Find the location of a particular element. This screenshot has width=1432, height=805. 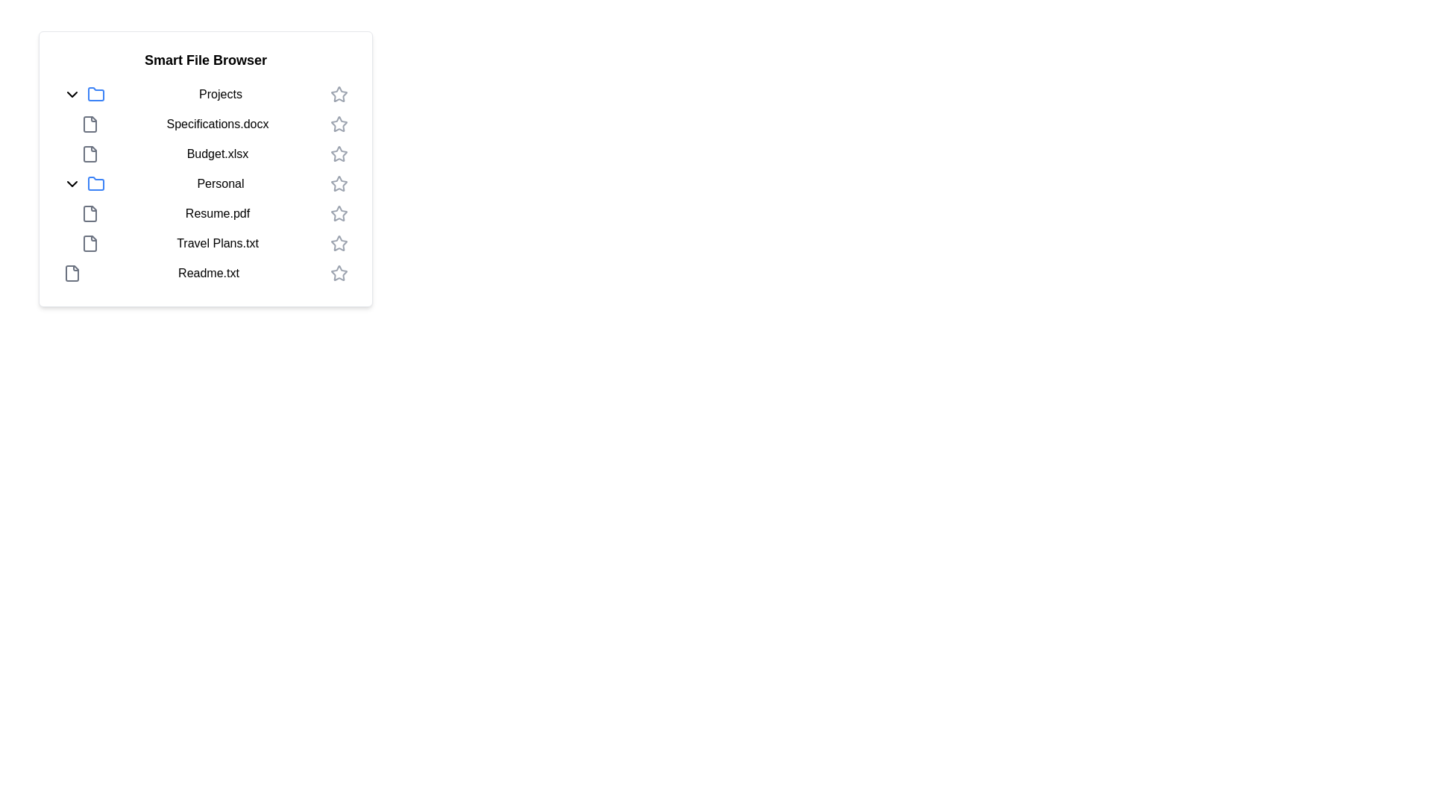

the star icon located to the right of the 'Budget.xlsx' text is located at coordinates (339, 154).